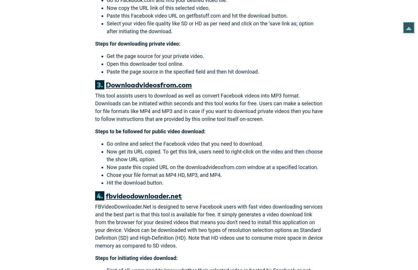  I want to click on 'Hit the download button.', so click(135, 182).